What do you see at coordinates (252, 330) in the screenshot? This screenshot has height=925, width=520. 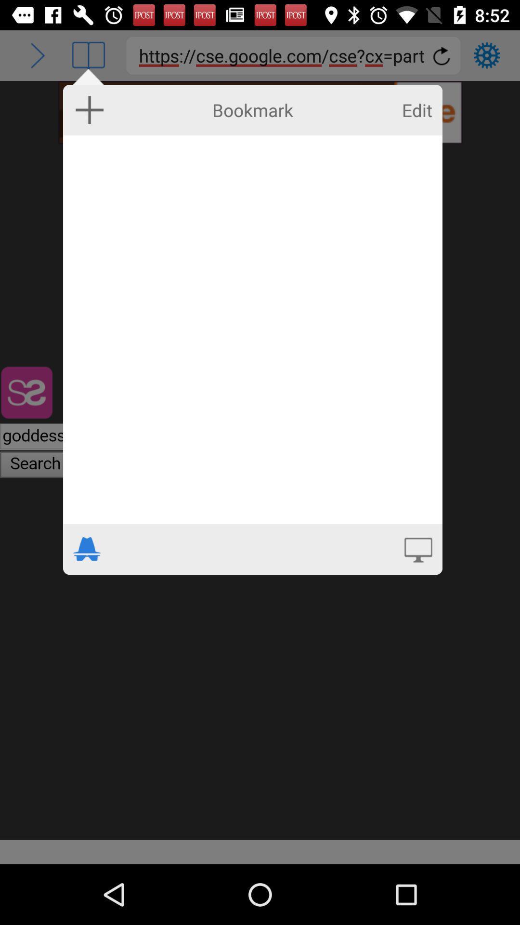 I see `the item below the bookmark item` at bounding box center [252, 330].